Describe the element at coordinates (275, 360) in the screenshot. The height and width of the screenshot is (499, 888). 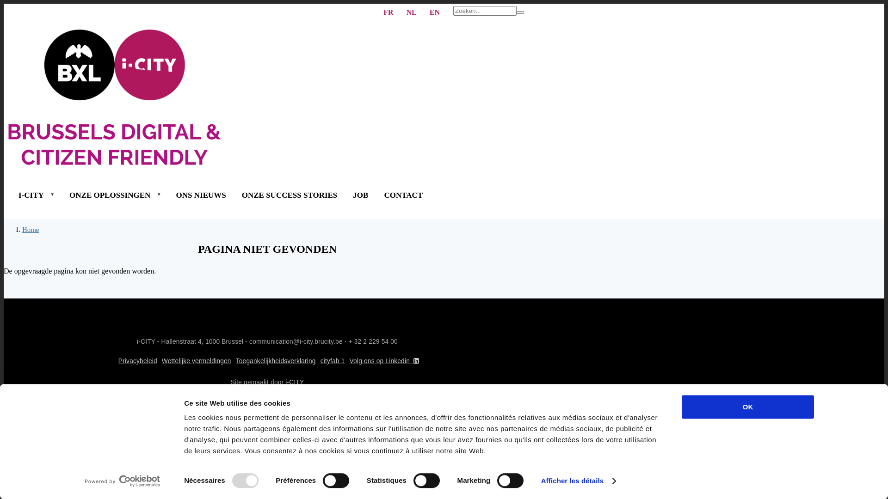
I see `'Toegankelijkheidsverklaring'` at that location.